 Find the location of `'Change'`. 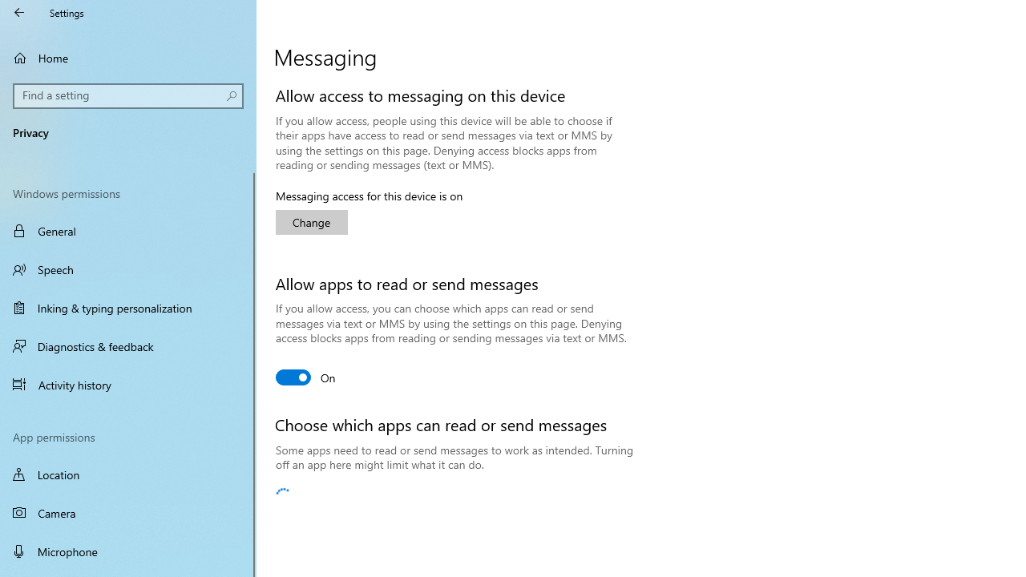

'Change' is located at coordinates (312, 222).